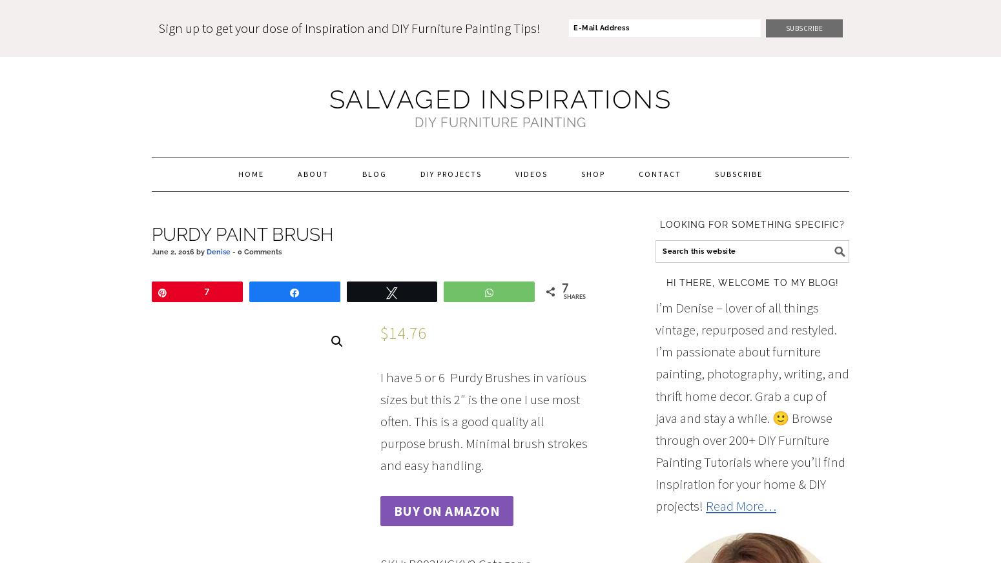  Describe the element at coordinates (500, 123) in the screenshot. I see `'DIY FURNITURE PAINTING'` at that location.